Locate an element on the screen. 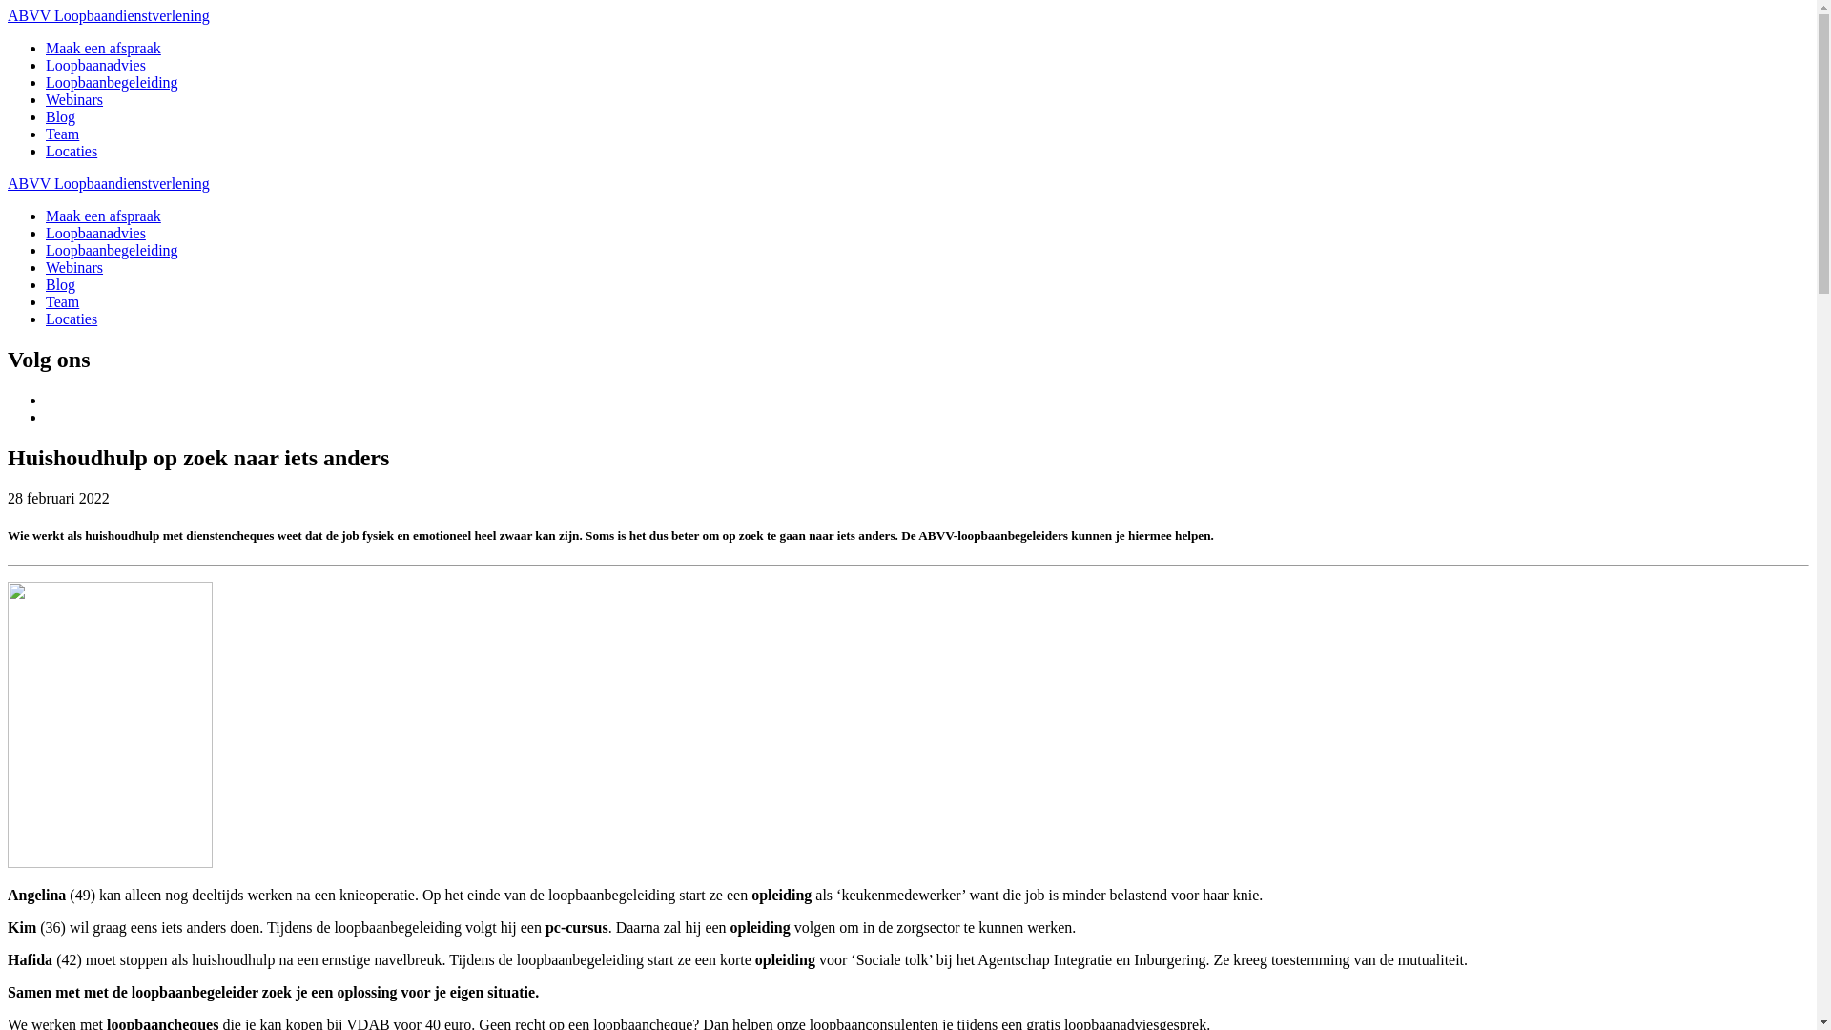  'Locaties' is located at coordinates (72, 318).